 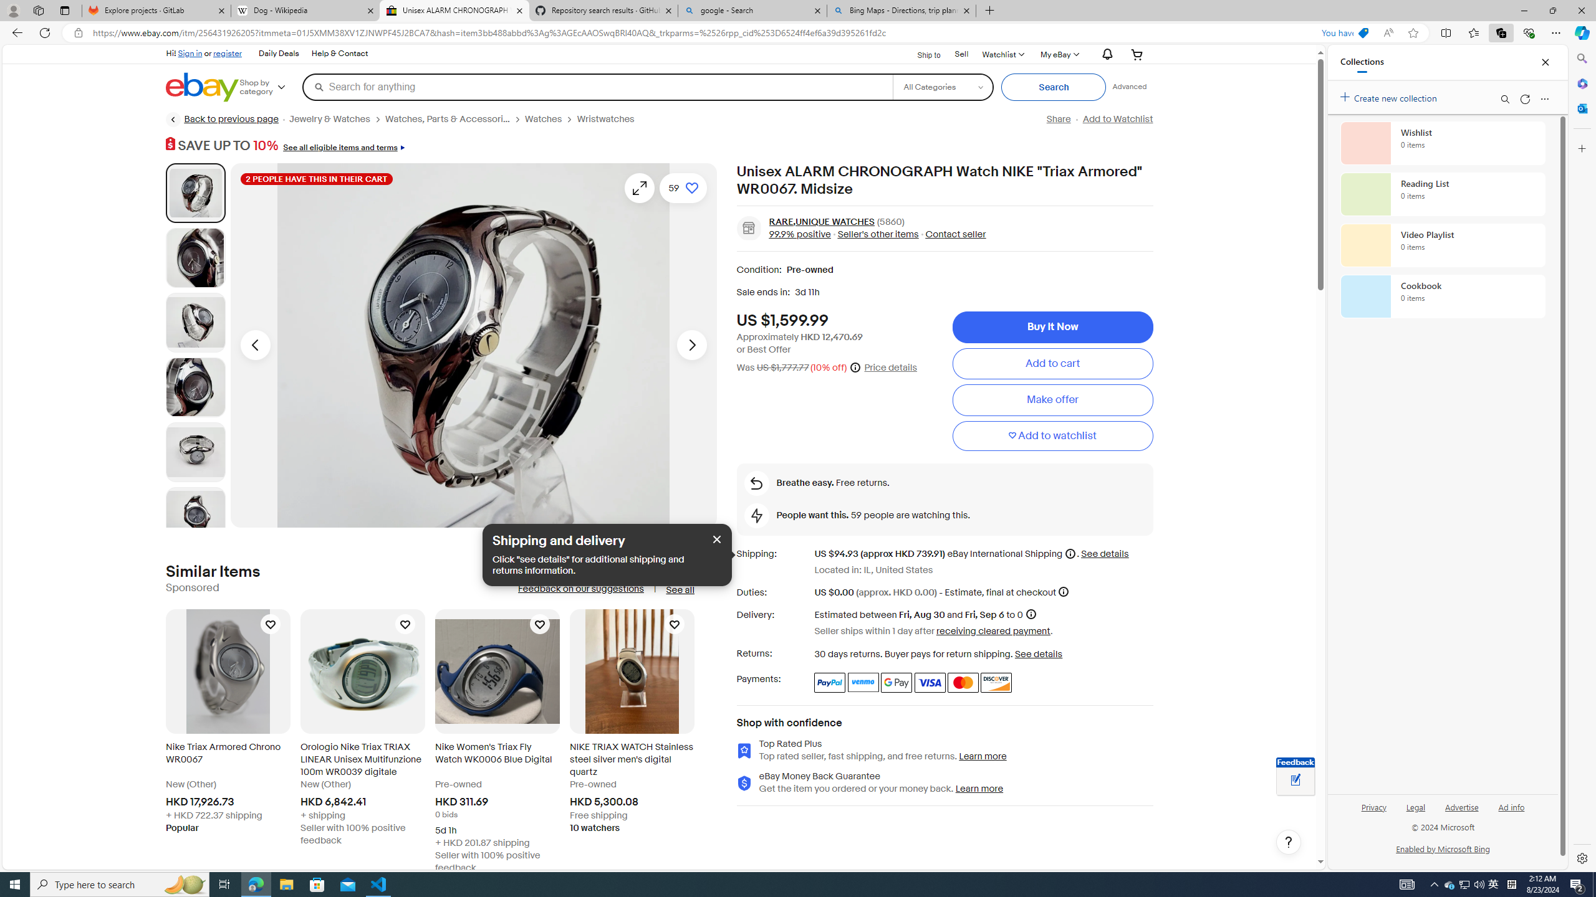 I want to click on 'Picture 4 of 18', so click(x=195, y=386).